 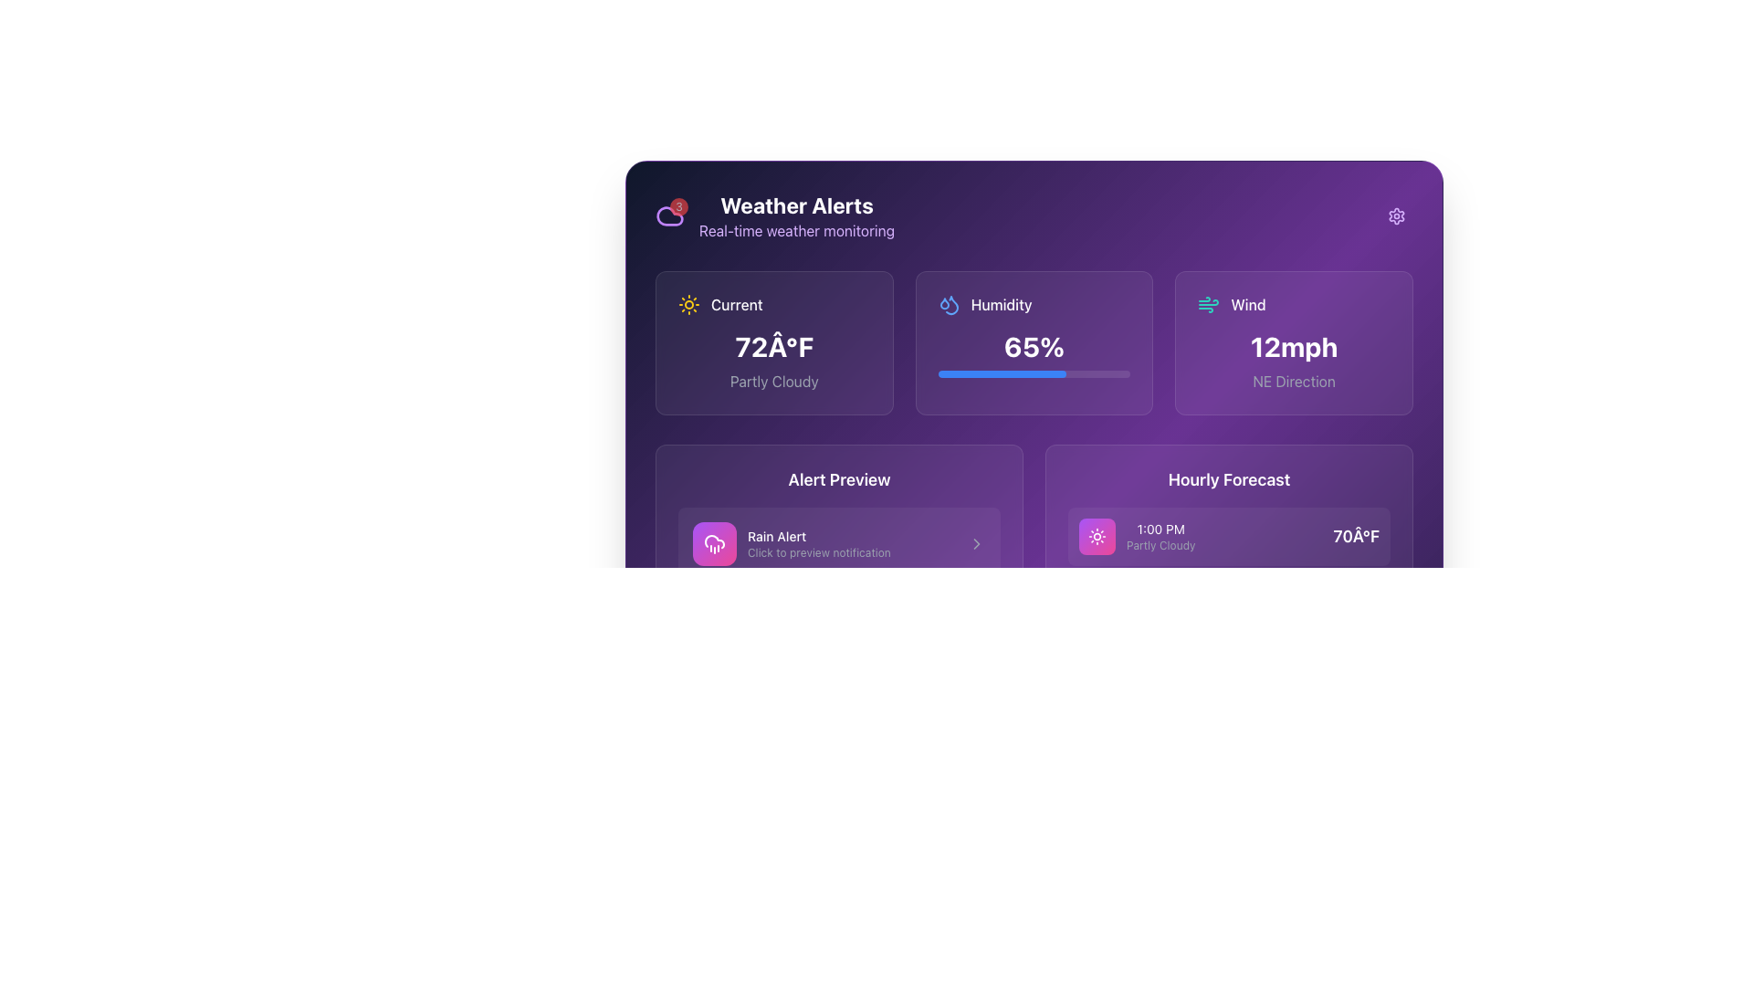 I want to click on the text label displaying the word 'Wind', which is part of a weather-themed card in the top-right corner of the dashboard interface, so click(x=1247, y=304).